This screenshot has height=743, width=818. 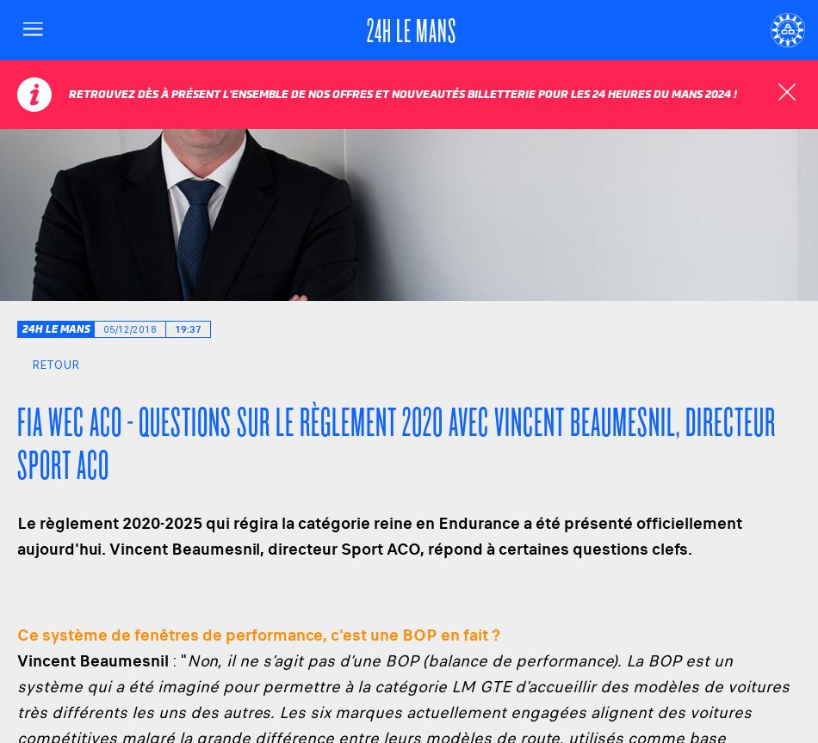 What do you see at coordinates (703, 29) in the screenshot?
I see `'Langue'` at bounding box center [703, 29].